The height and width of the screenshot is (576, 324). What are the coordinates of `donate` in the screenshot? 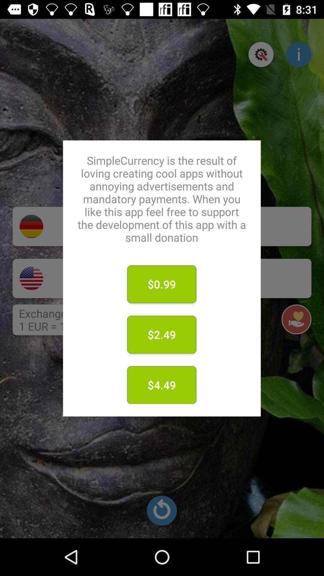 It's located at (175, 278).